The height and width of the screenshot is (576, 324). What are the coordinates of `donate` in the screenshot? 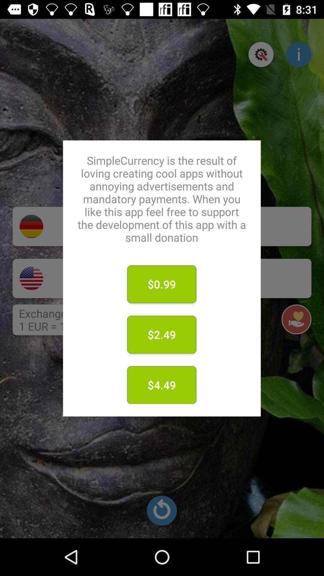 It's located at (175, 278).